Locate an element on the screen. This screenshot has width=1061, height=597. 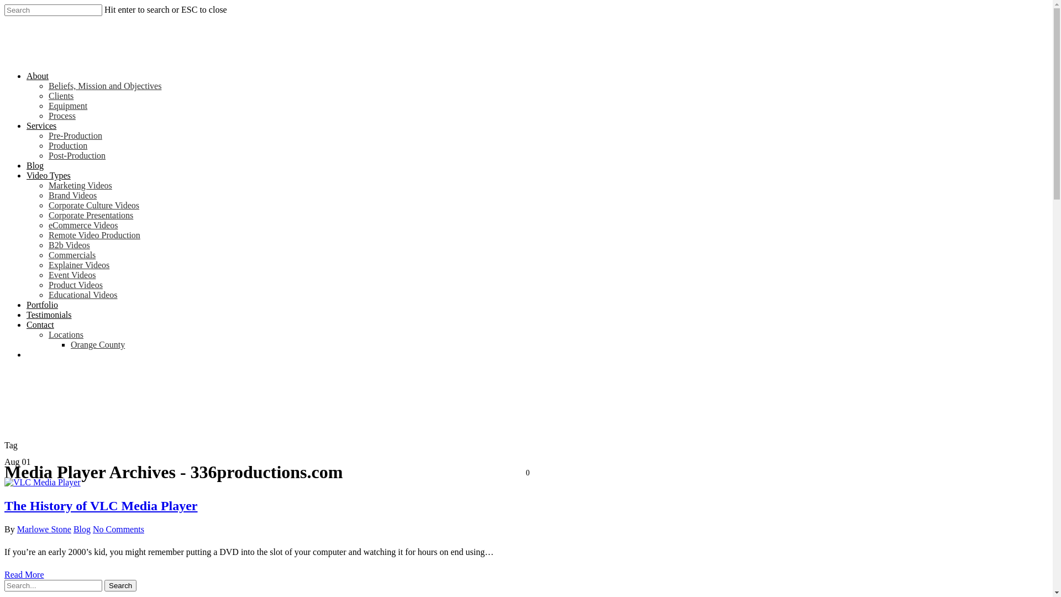
'Clients' is located at coordinates (60, 95).